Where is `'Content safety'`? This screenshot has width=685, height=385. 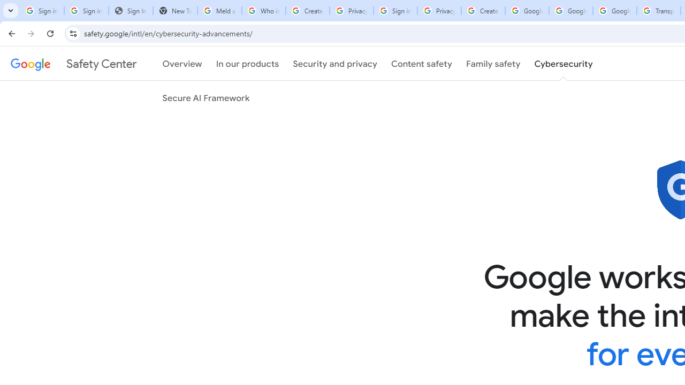 'Content safety' is located at coordinates (421, 64).